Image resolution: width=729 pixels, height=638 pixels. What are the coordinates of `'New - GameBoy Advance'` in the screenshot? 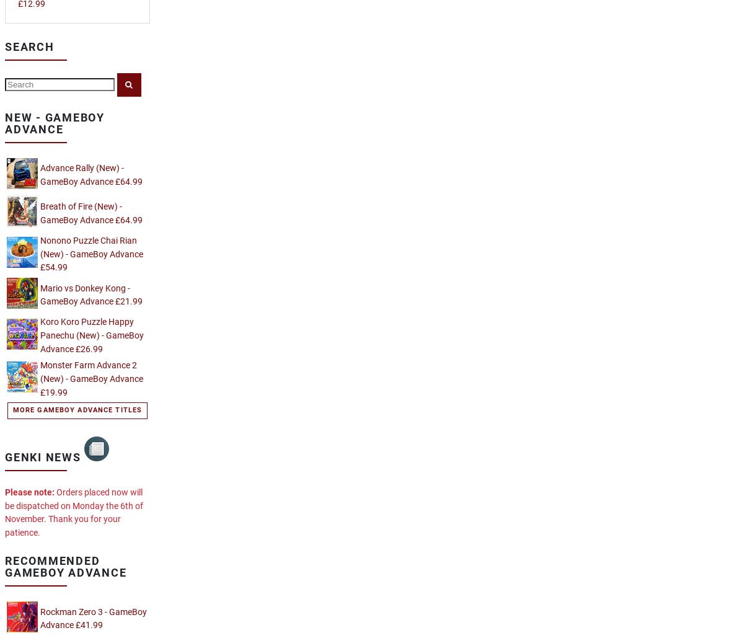 It's located at (54, 123).